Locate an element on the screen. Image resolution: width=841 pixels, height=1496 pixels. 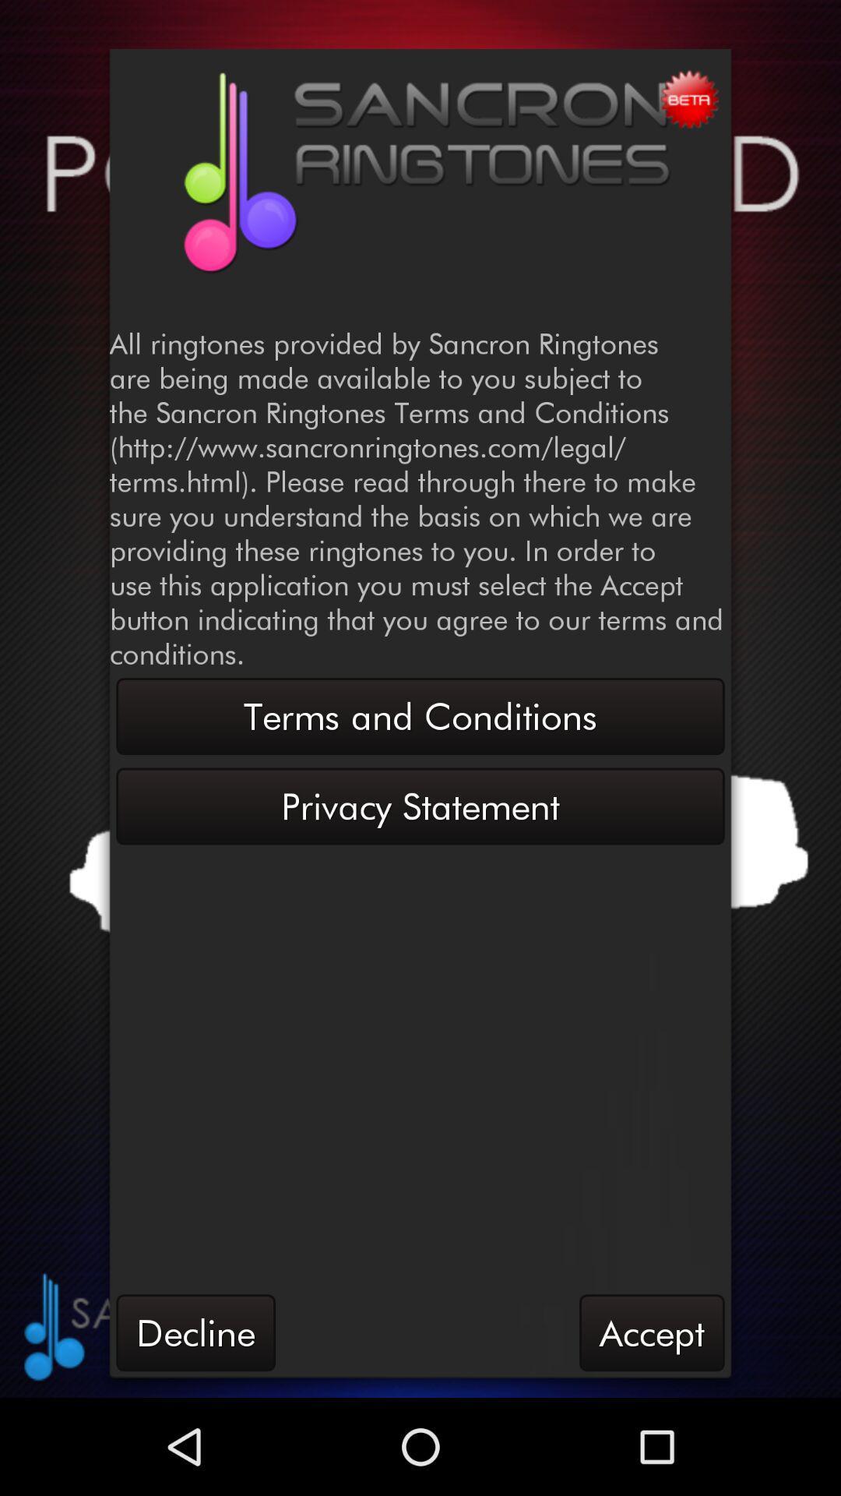
the icon next to the decline item is located at coordinates (652, 1332).